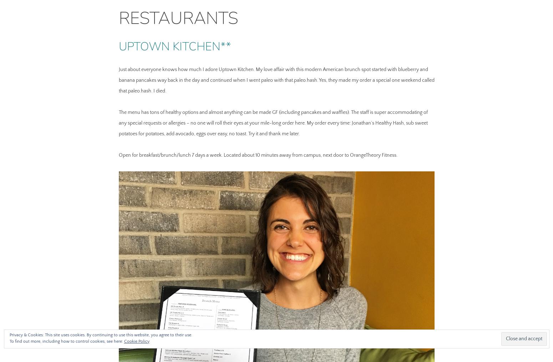 The image size is (553, 362). What do you see at coordinates (258, 155) in the screenshot?
I see `'Open for breakfast/brunch/lunch 7 days a week. Located about 10 minutes away from campus, next door to OrangeTheory Fitness.'` at bounding box center [258, 155].